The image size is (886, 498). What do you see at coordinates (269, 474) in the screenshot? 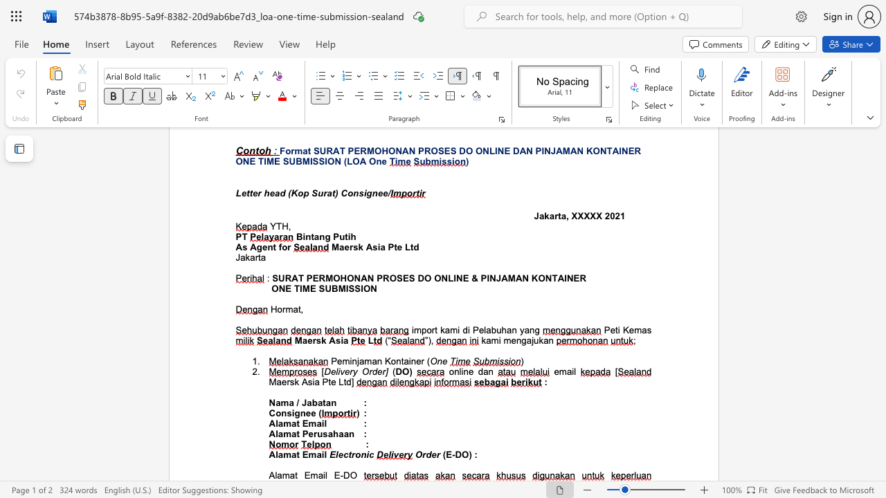
I see `the subset text "Al" within the text "Alamat Email E-DO"` at bounding box center [269, 474].